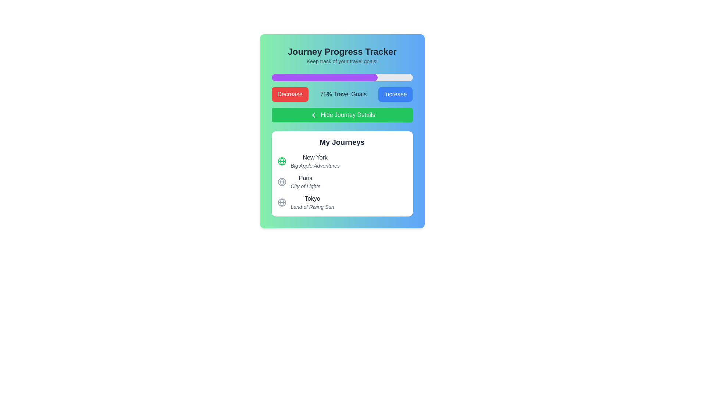 The image size is (706, 397). I want to click on the 'My Journeys' header text label, which is prominently displayed in bold at the top of the white rounded rectangle area containing city entries, so click(342, 142).